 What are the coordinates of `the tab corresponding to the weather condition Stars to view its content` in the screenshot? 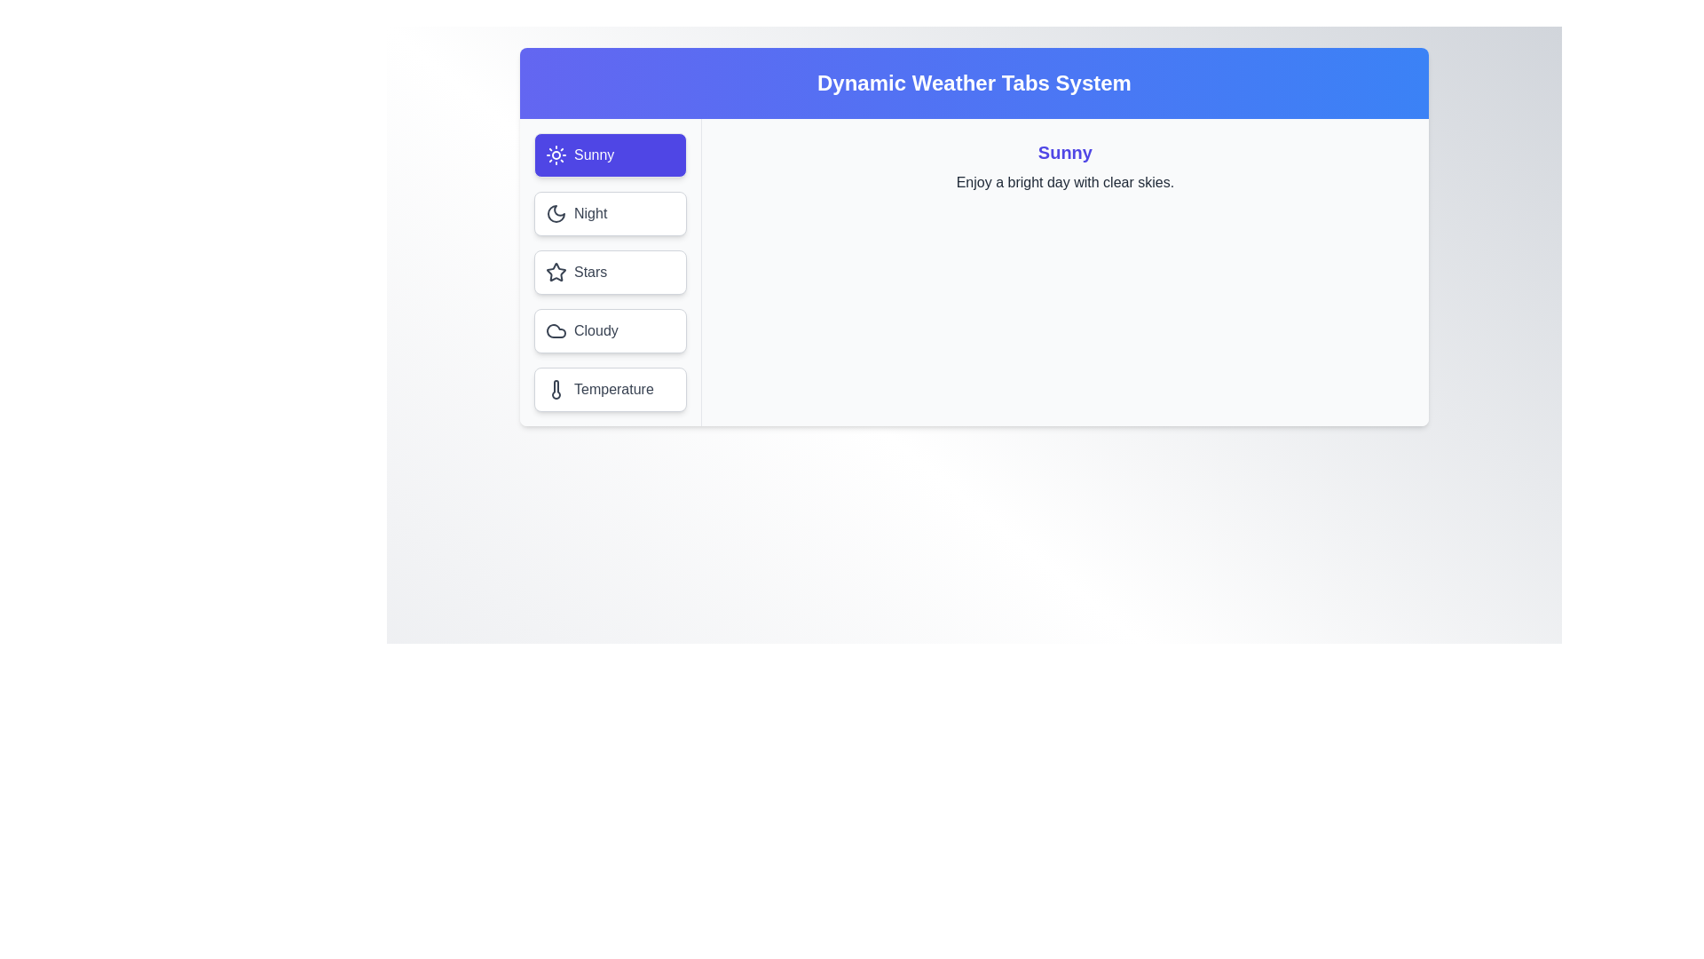 It's located at (609, 273).